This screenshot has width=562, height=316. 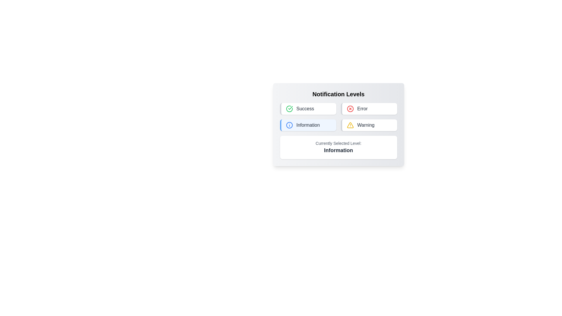 What do you see at coordinates (369, 125) in the screenshot?
I see `the button corresponding to the notification level Warning` at bounding box center [369, 125].